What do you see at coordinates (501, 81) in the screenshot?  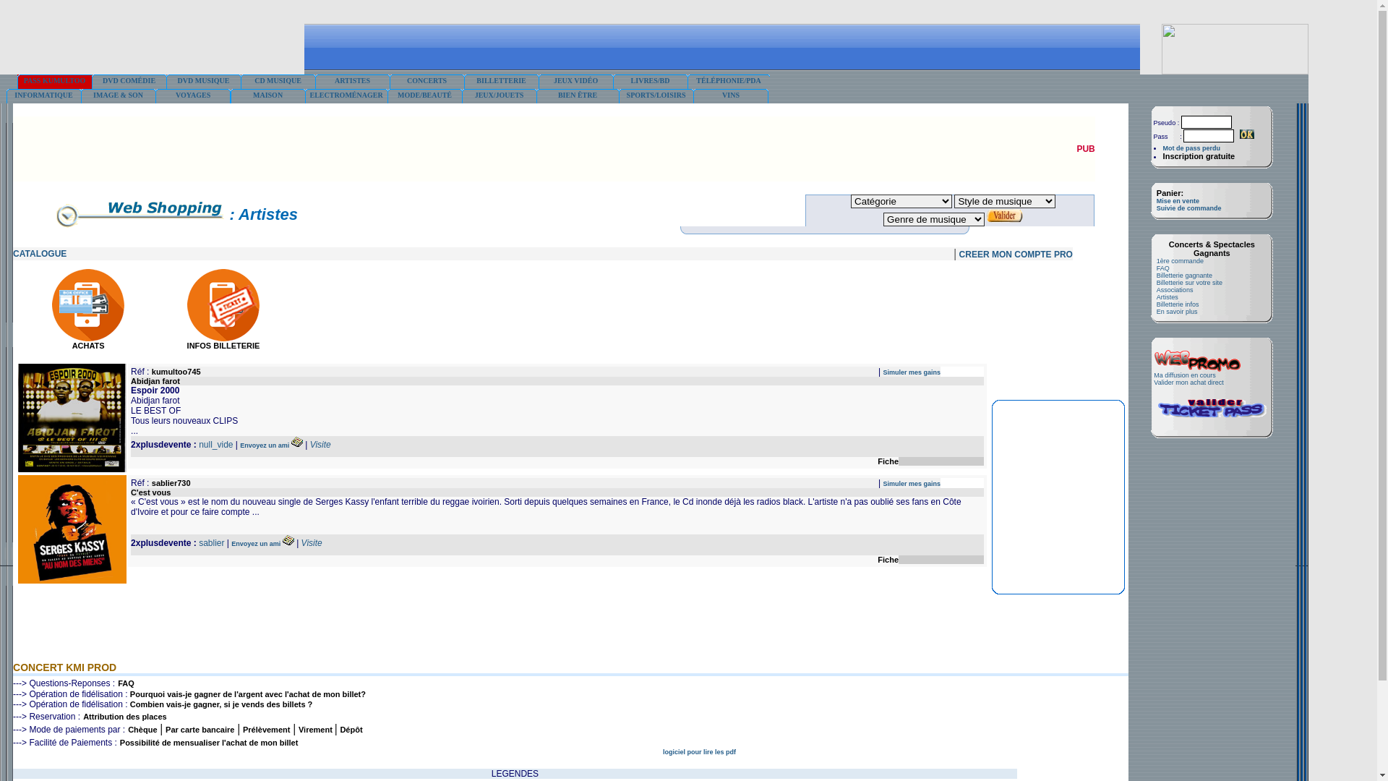 I see `'BILLETTERIE'` at bounding box center [501, 81].